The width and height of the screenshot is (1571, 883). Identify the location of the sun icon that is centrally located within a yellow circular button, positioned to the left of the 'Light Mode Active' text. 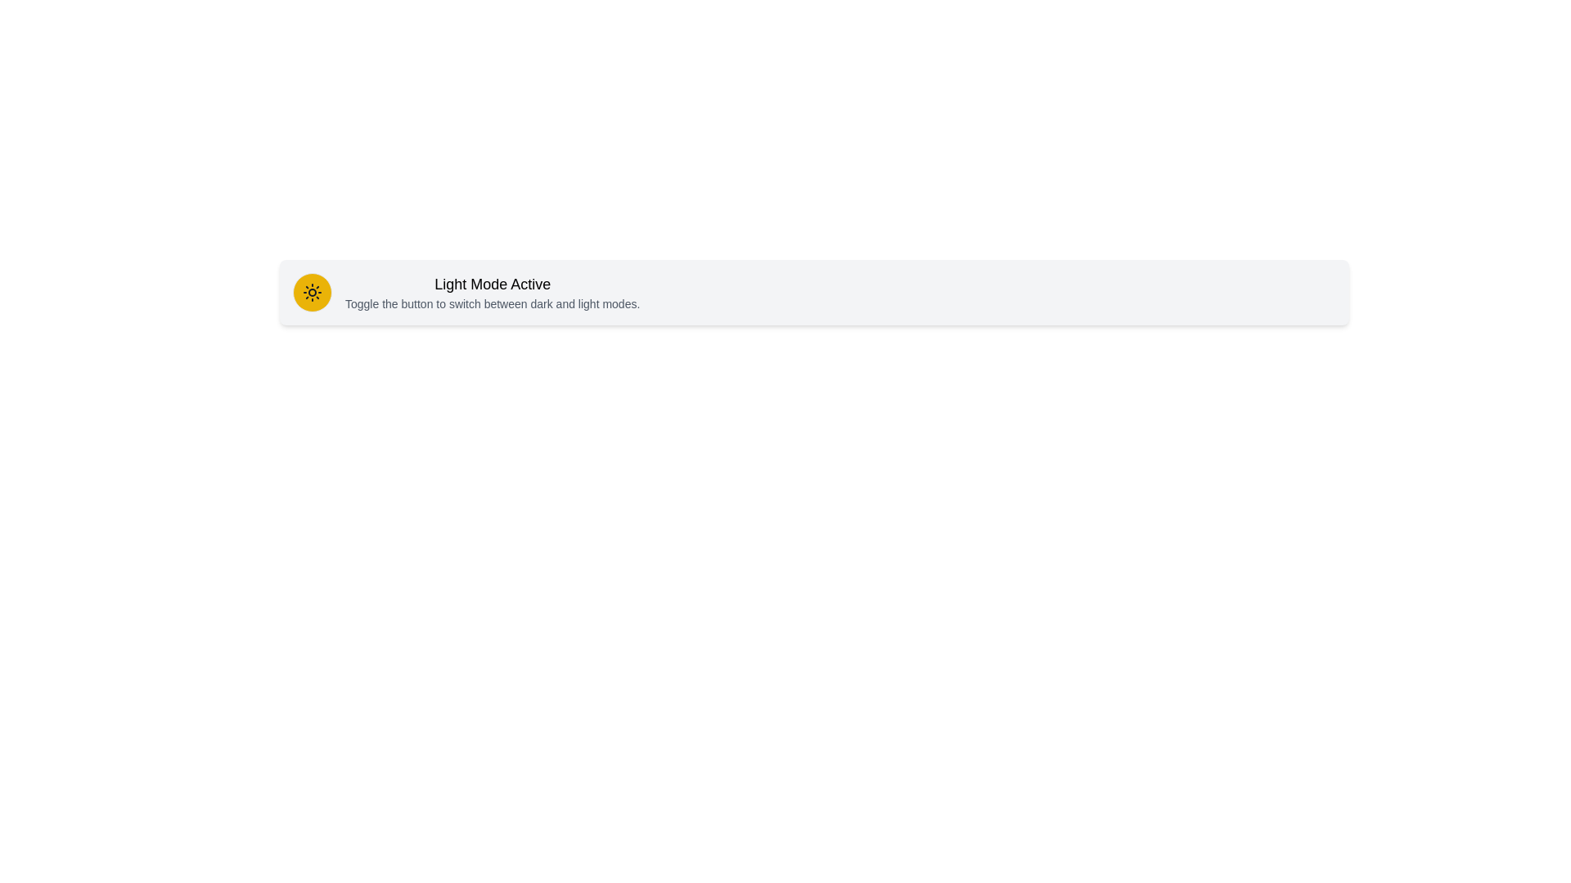
(313, 292).